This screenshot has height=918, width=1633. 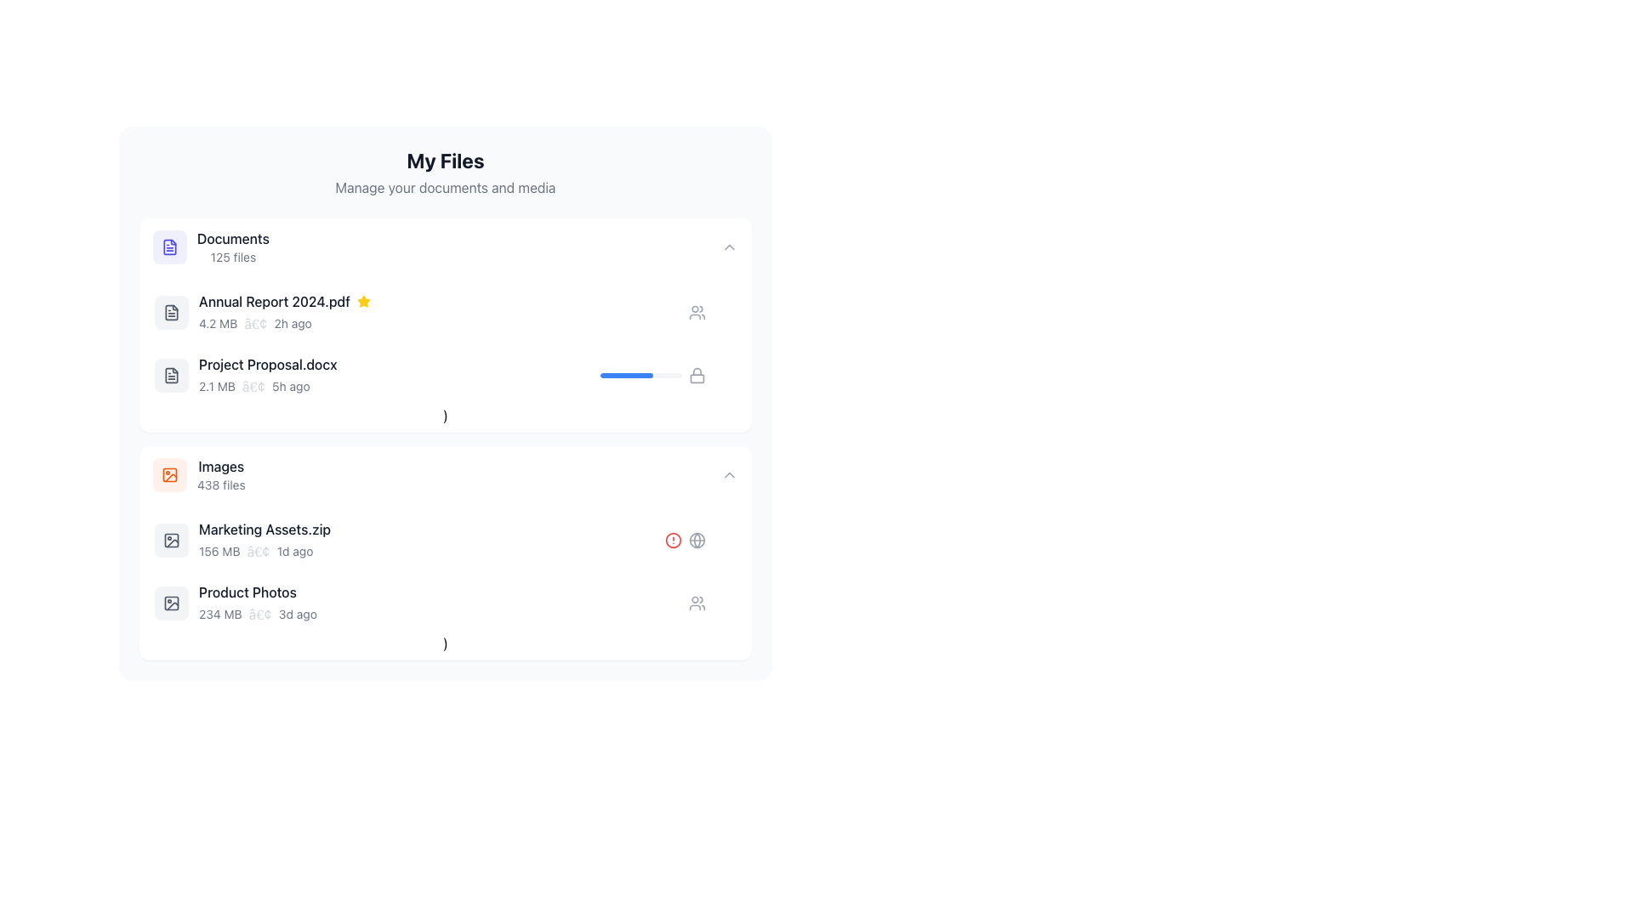 I want to click on the progress bar located in the middle section of the file list item for 'Project Proposal.docx', which is positioned slightly to the right of the filename and above the lock icon, so click(x=640, y=375).